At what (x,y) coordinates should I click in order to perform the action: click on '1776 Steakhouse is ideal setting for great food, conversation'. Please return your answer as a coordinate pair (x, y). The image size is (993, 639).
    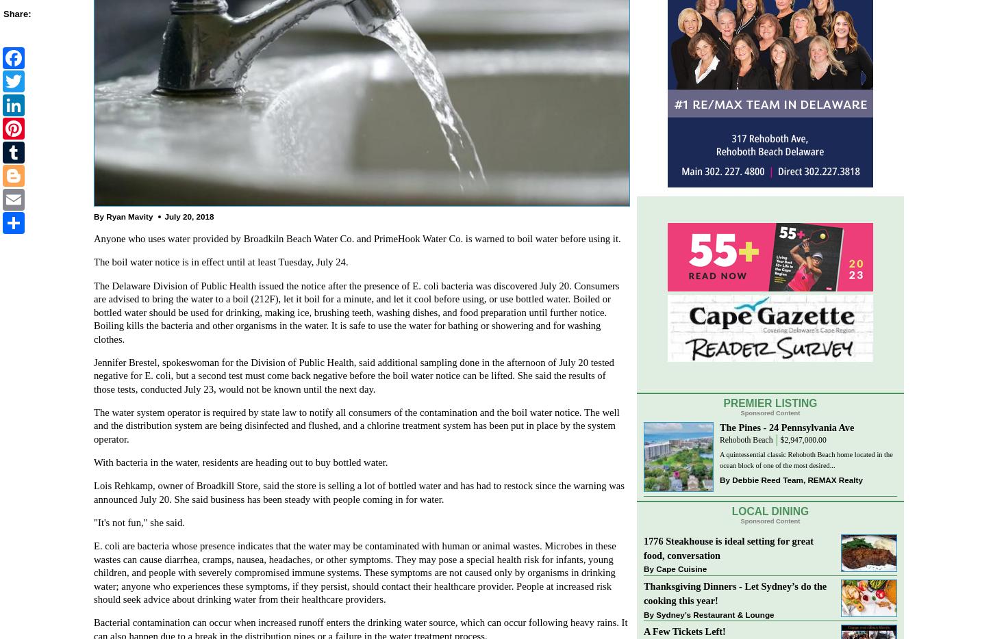
    Looking at the image, I should click on (729, 547).